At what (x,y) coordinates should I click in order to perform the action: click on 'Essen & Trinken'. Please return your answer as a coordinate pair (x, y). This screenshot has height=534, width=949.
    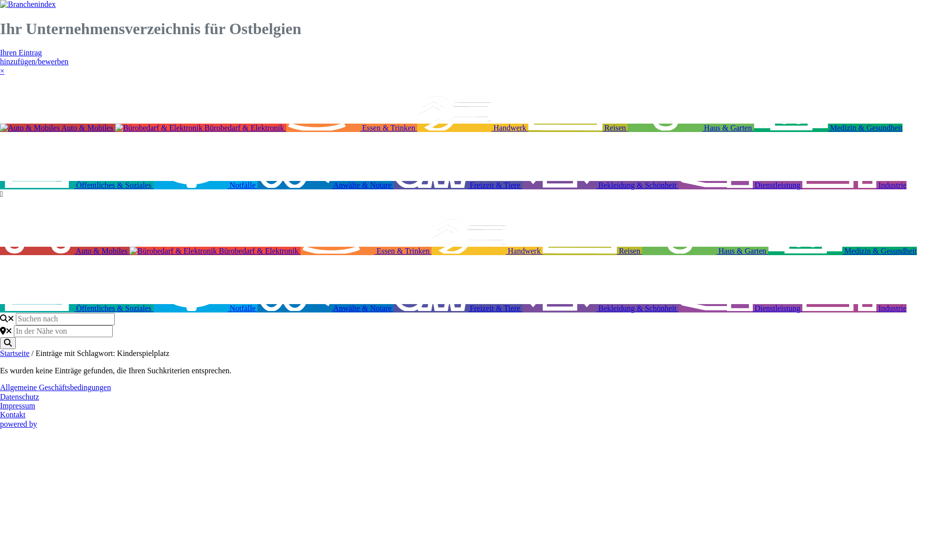
    Looking at the image, I should click on (365, 250).